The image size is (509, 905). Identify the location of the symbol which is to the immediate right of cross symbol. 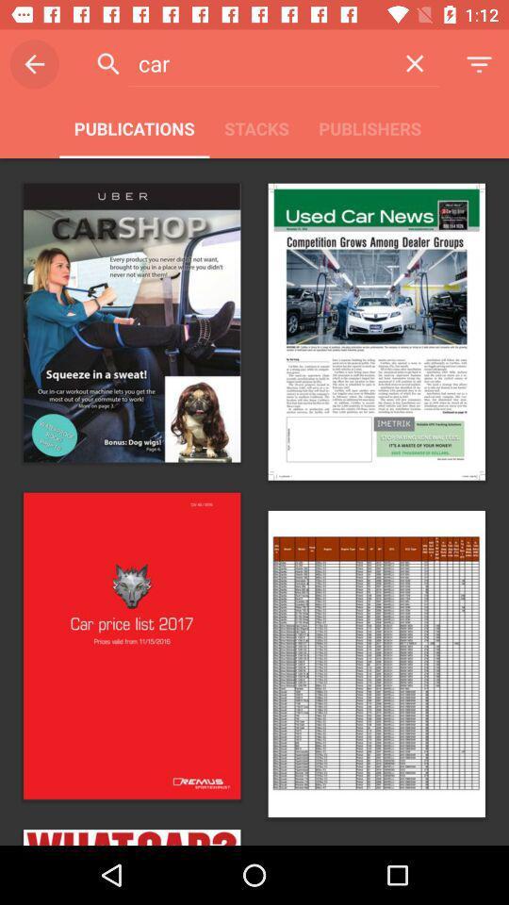
(479, 64).